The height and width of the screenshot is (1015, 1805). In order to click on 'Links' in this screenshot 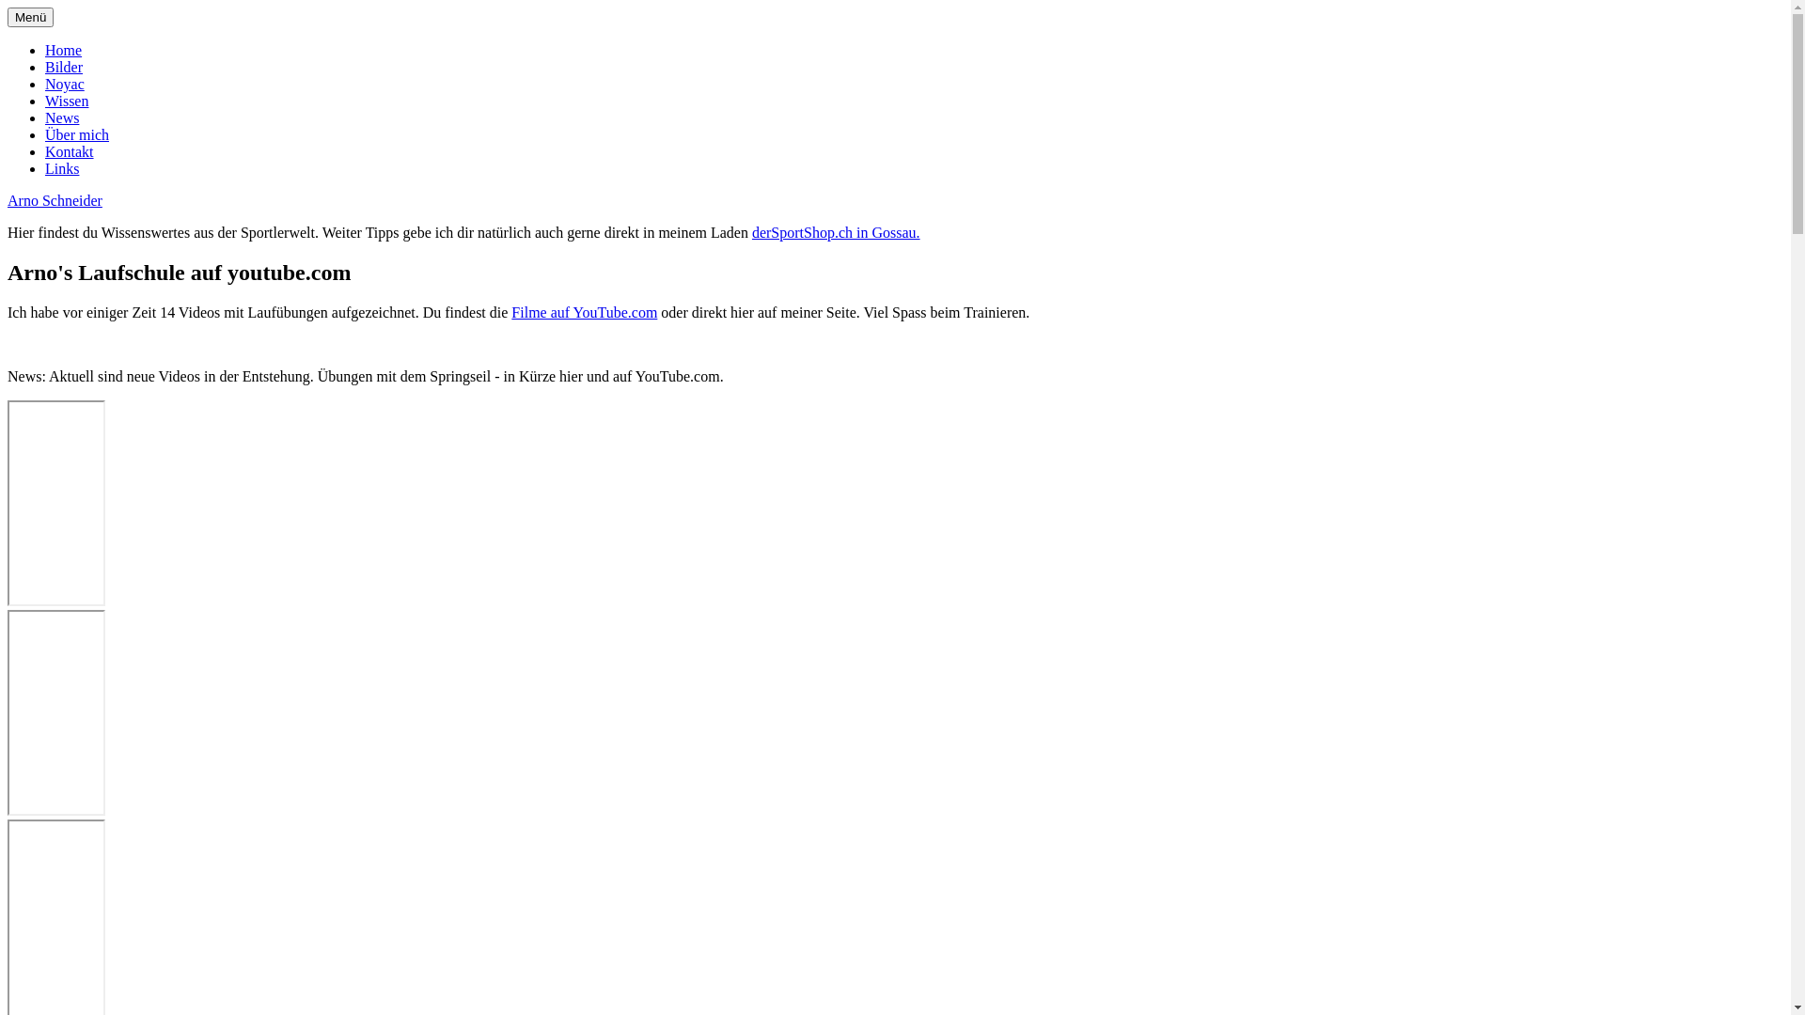, I will do `click(45, 167)`.